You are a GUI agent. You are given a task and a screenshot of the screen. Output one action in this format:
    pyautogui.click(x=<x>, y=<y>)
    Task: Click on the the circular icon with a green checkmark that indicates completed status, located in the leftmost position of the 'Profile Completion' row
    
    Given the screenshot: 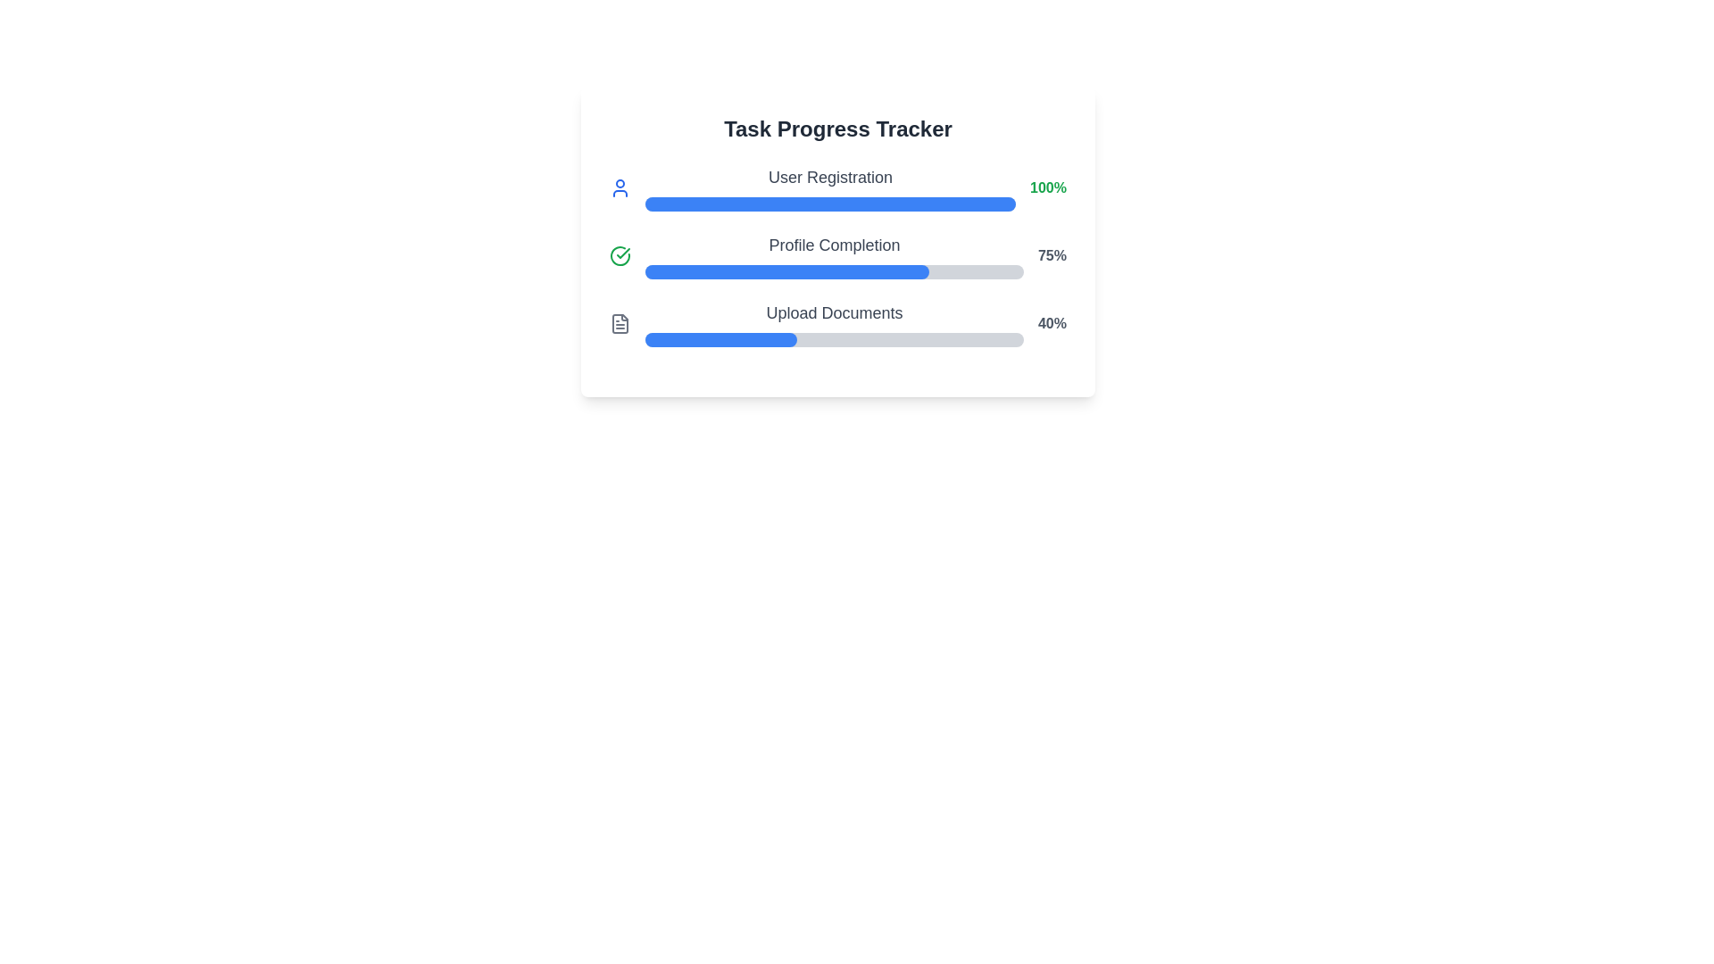 What is the action you would take?
    pyautogui.click(x=620, y=255)
    